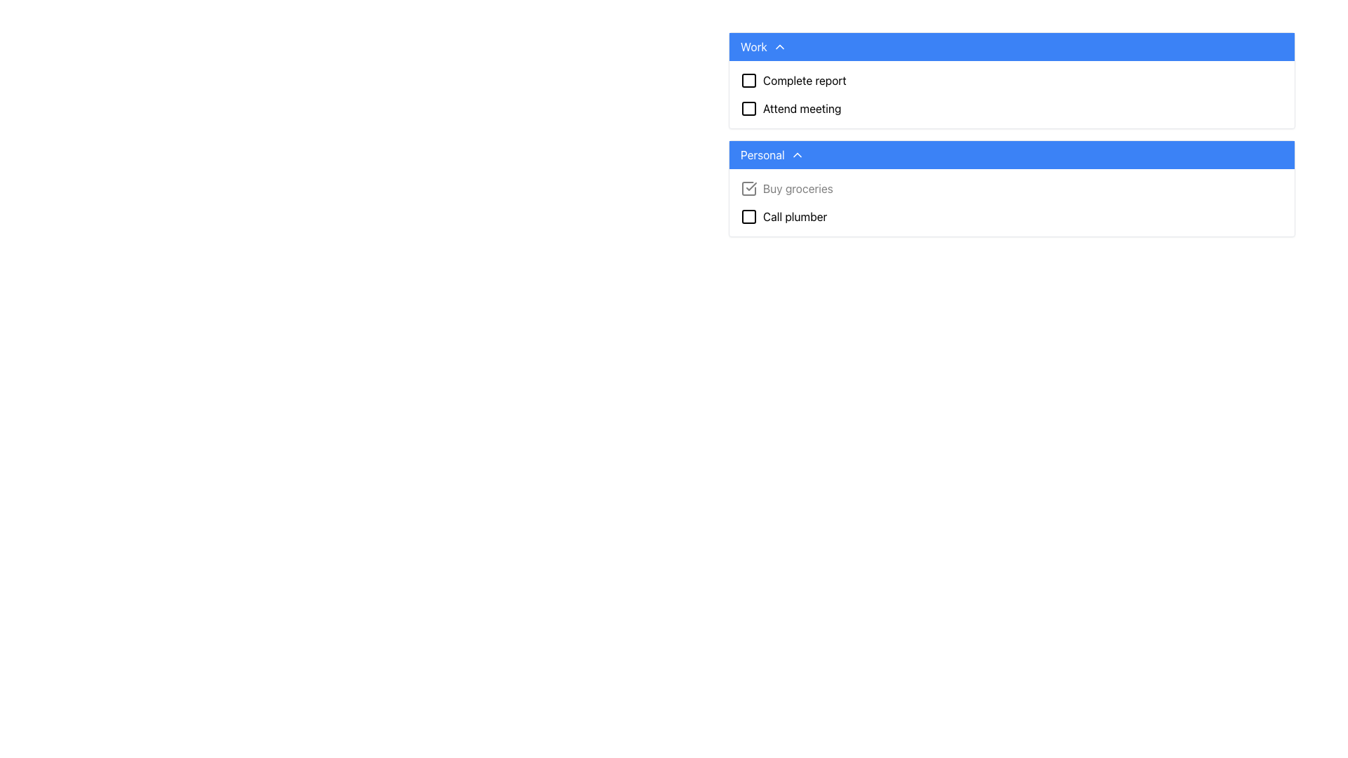 The width and height of the screenshot is (1348, 758). Describe the element at coordinates (748, 81) in the screenshot. I see `the decorative icon labeled 'Complete report' located at the top-left corner of the 'Work' section interface` at that location.